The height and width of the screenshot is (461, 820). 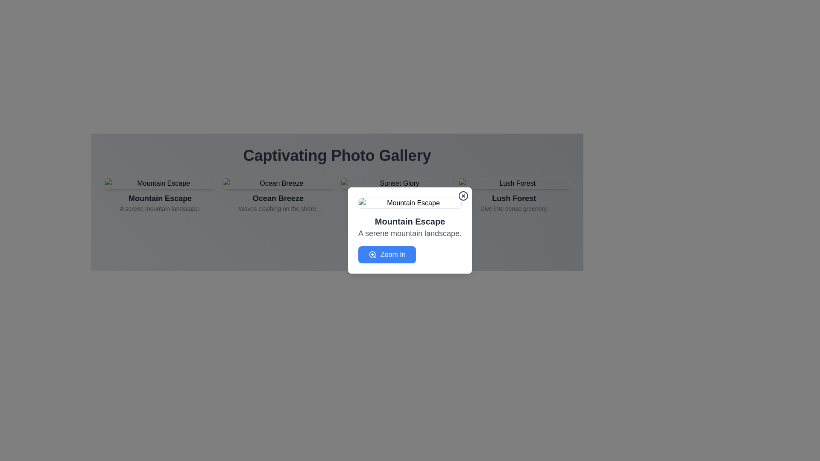 What do you see at coordinates (392, 254) in the screenshot?
I see `text 'Zoom In' located within the blue button with rounded corners at the center of the dialog box titled 'Mountain Escape'` at bounding box center [392, 254].